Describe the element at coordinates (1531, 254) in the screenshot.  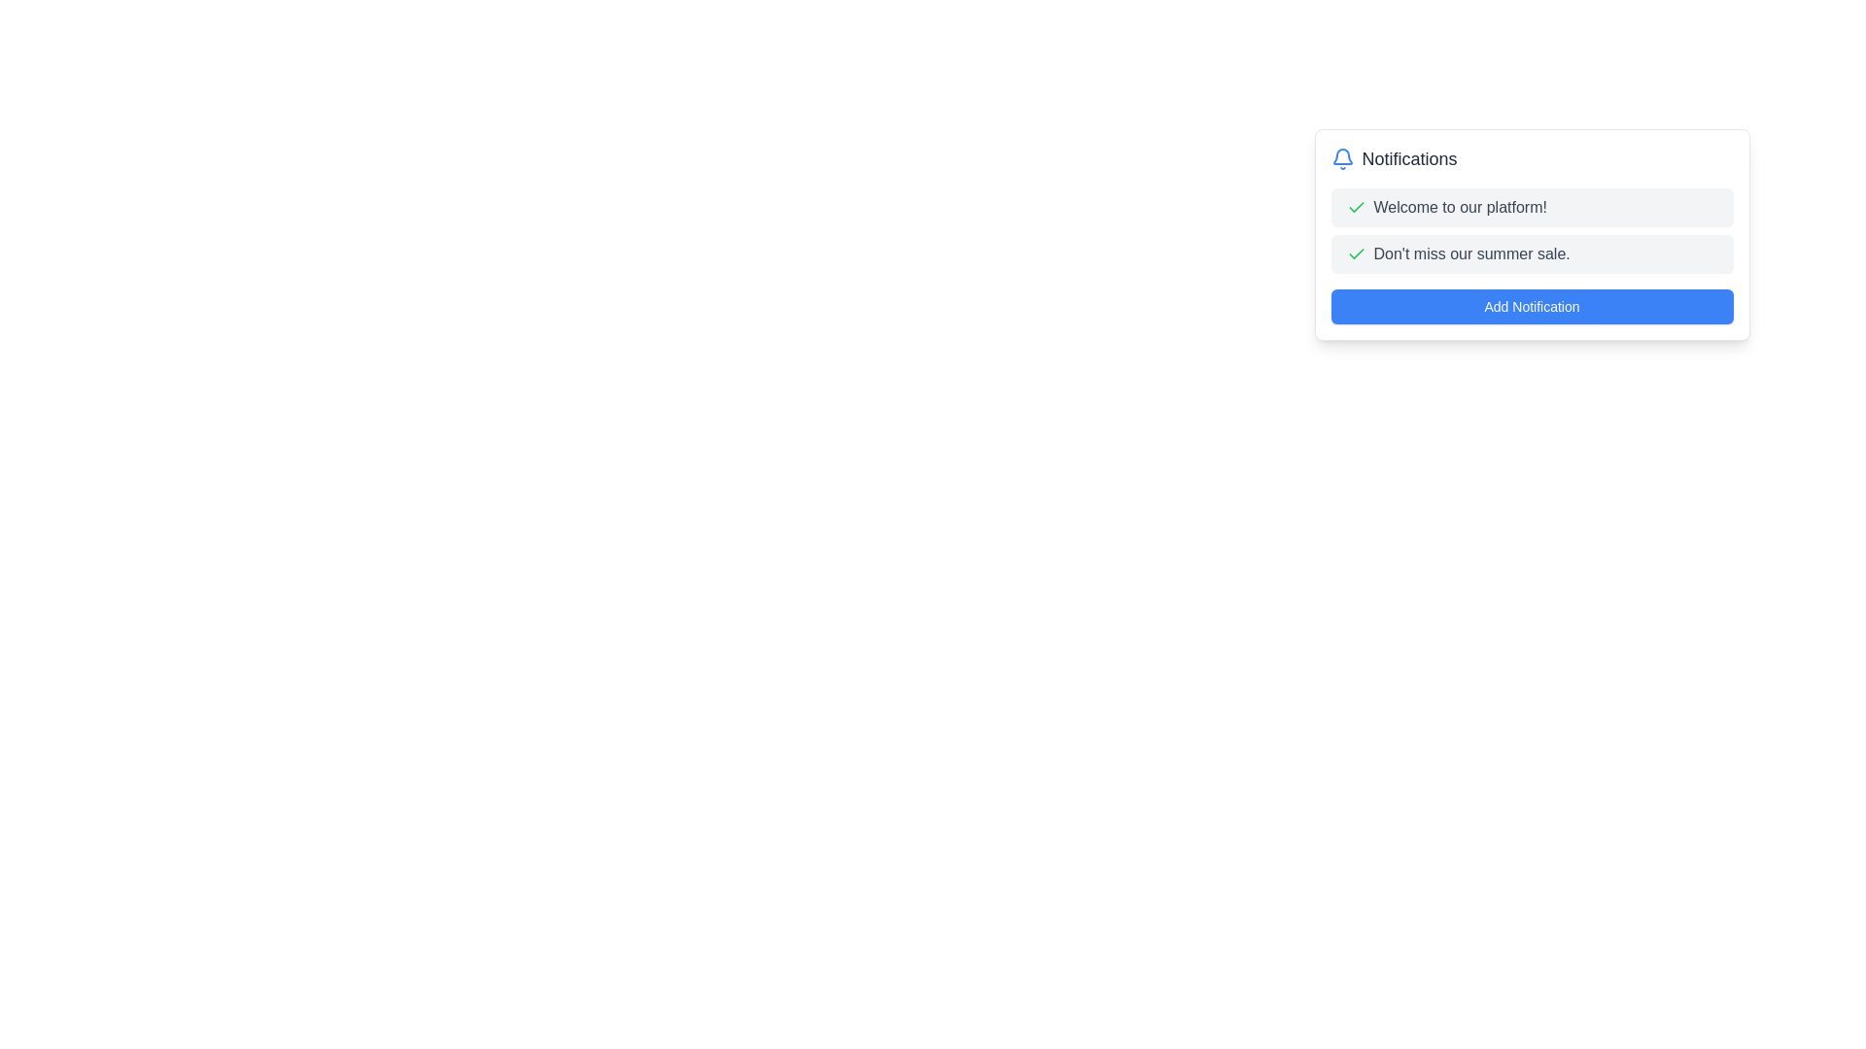
I see `the Notification Row that conveys the message about the summer sale, located between the 'Welcome to our platform!' notification and the 'Add Notification' button` at that location.